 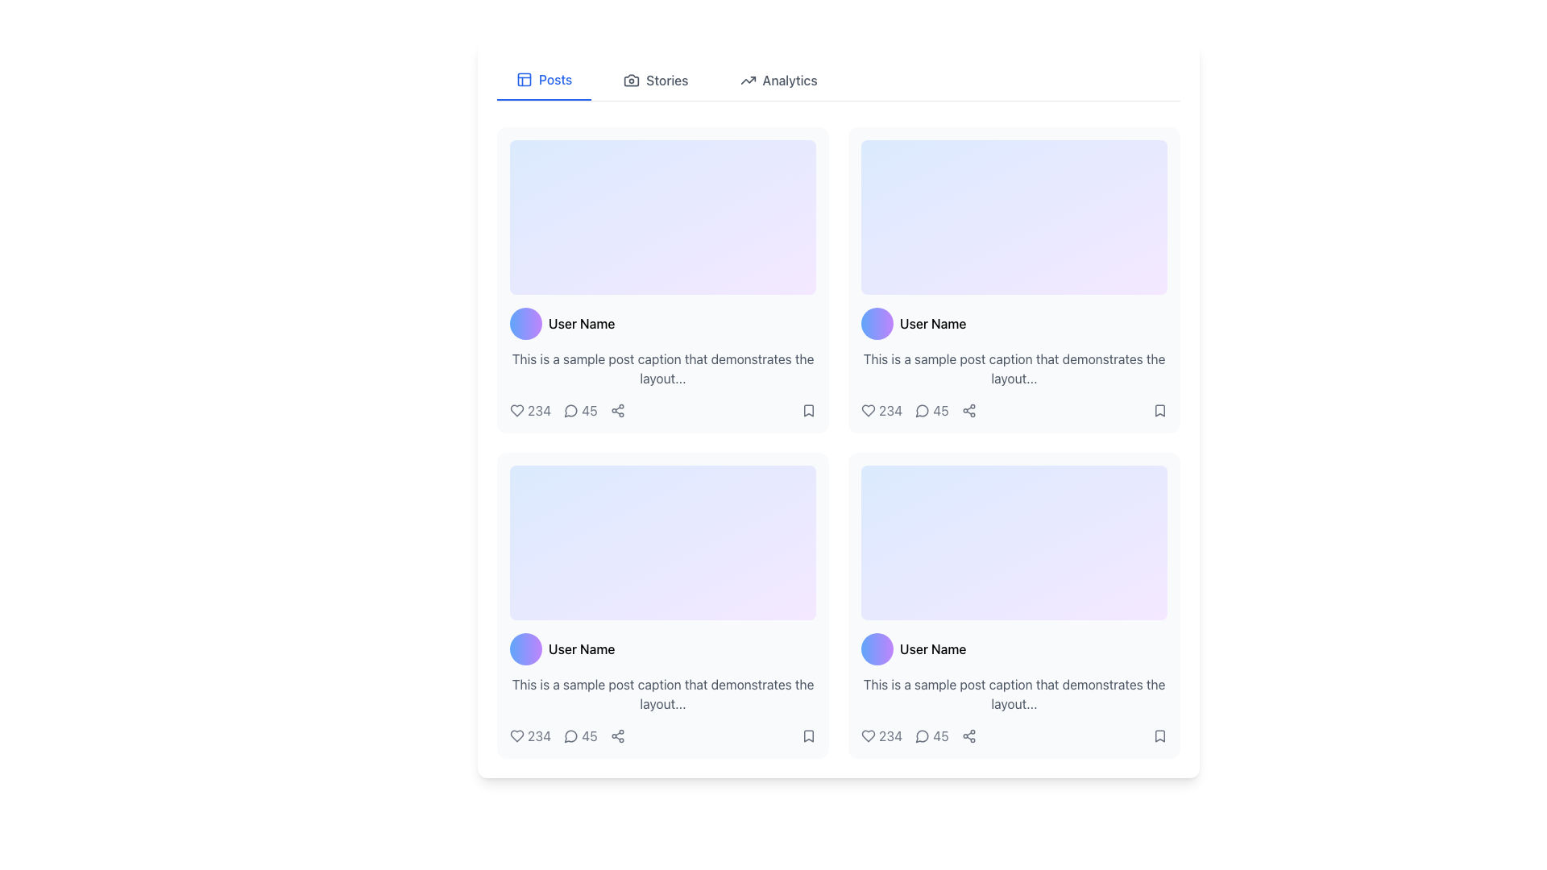 What do you see at coordinates (517, 409) in the screenshot?
I see `the heart-shaped icon located in the lower-left corner of the post card interface to like the post` at bounding box center [517, 409].